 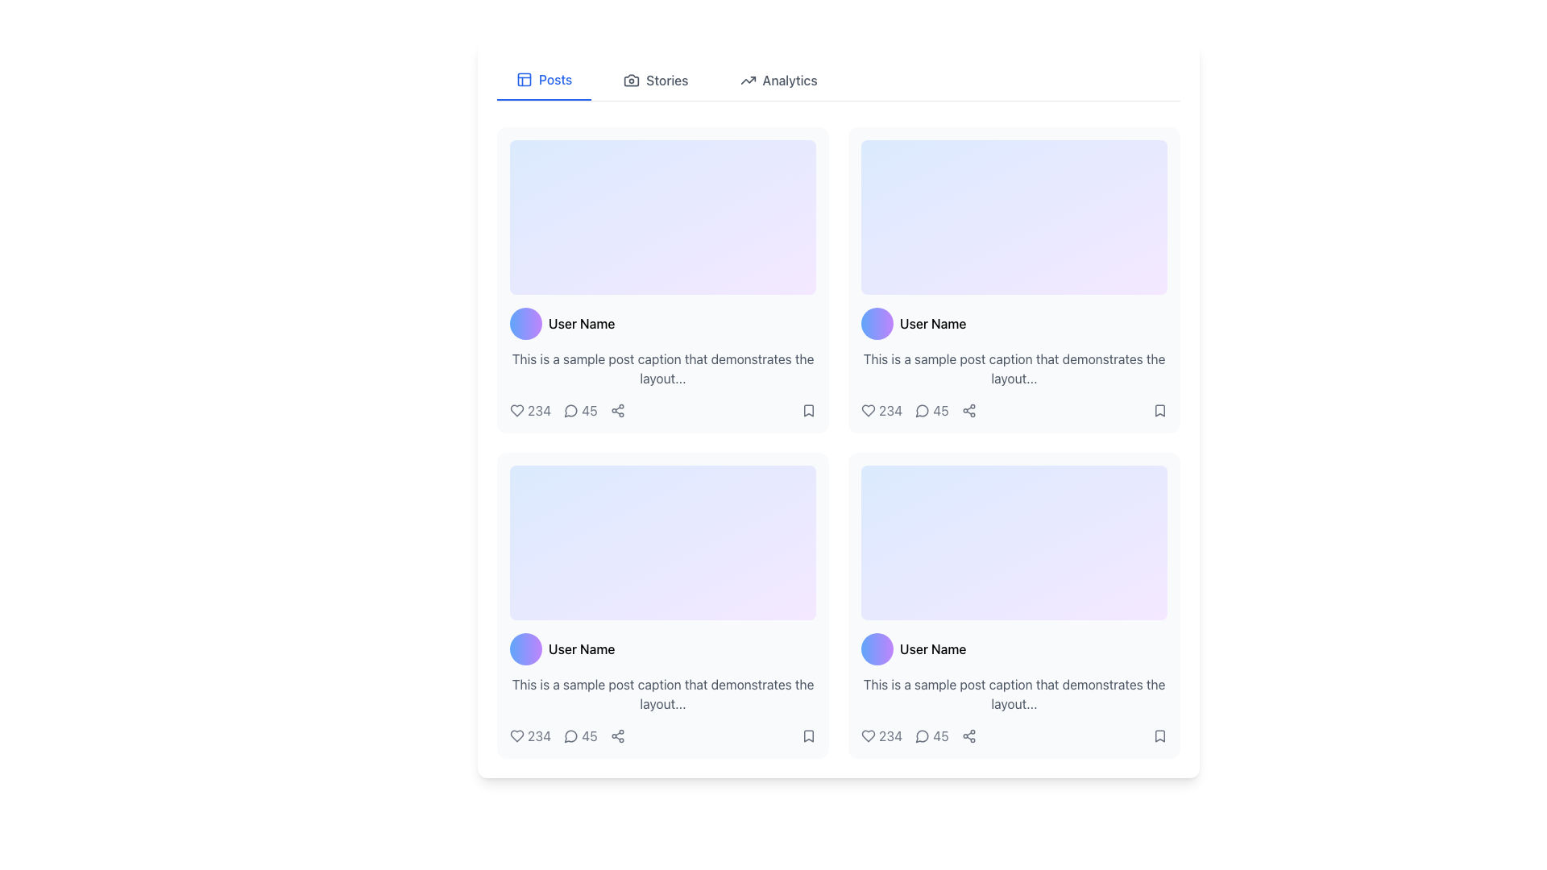 What do you see at coordinates (517, 409) in the screenshot?
I see `the heart-shaped icon located in the lower-left corner of the post card interface to like the post` at bounding box center [517, 409].